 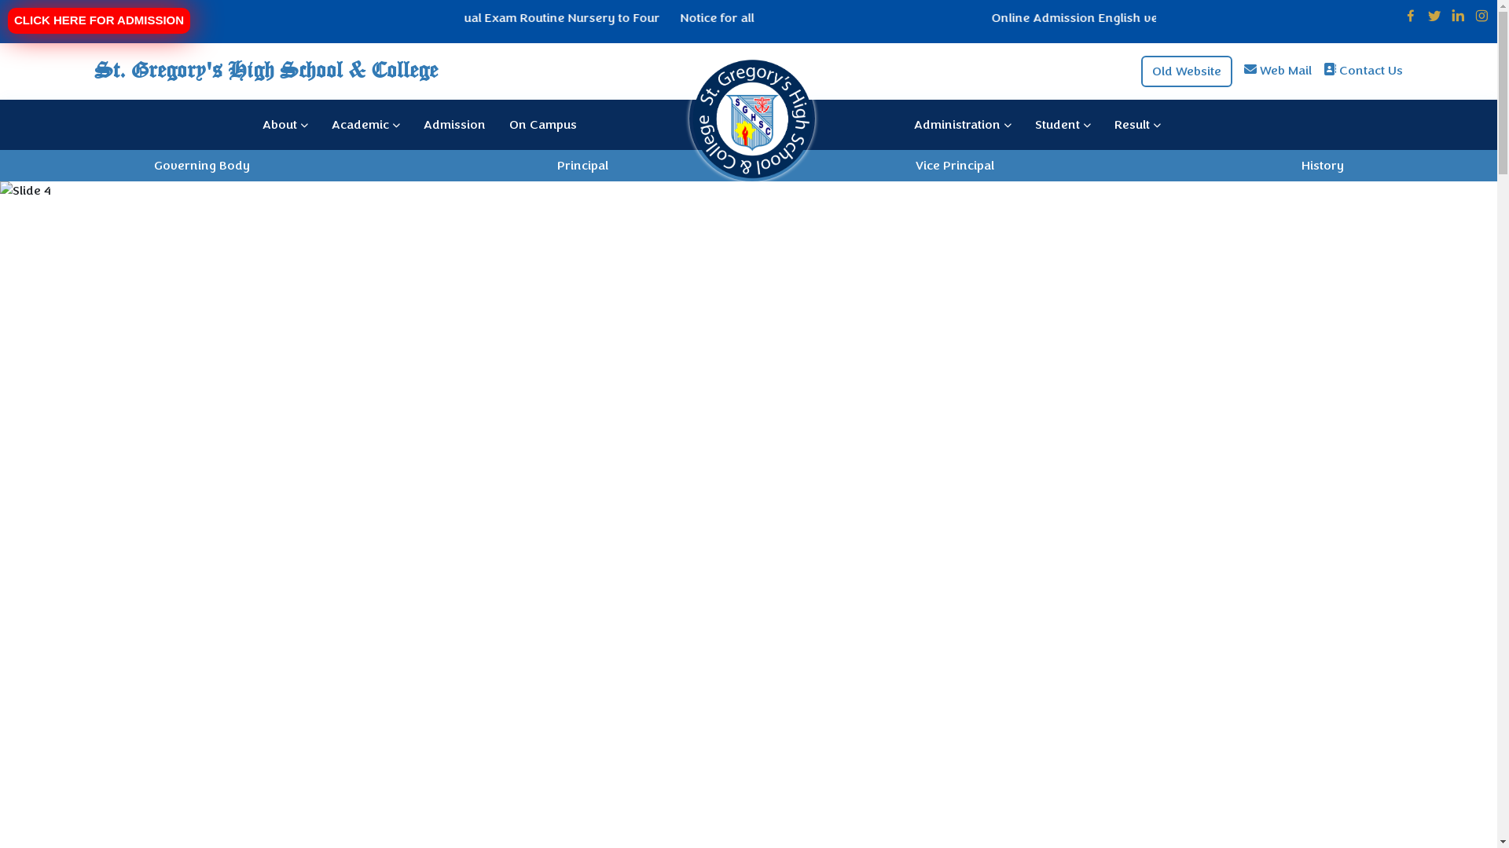 I want to click on 'Student', so click(x=1063, y=123).